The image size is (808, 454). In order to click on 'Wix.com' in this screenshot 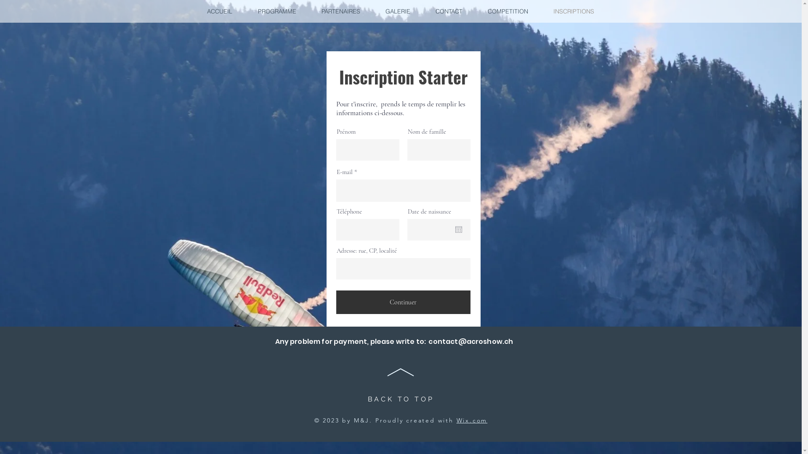, I will do `click(472, 420)`.